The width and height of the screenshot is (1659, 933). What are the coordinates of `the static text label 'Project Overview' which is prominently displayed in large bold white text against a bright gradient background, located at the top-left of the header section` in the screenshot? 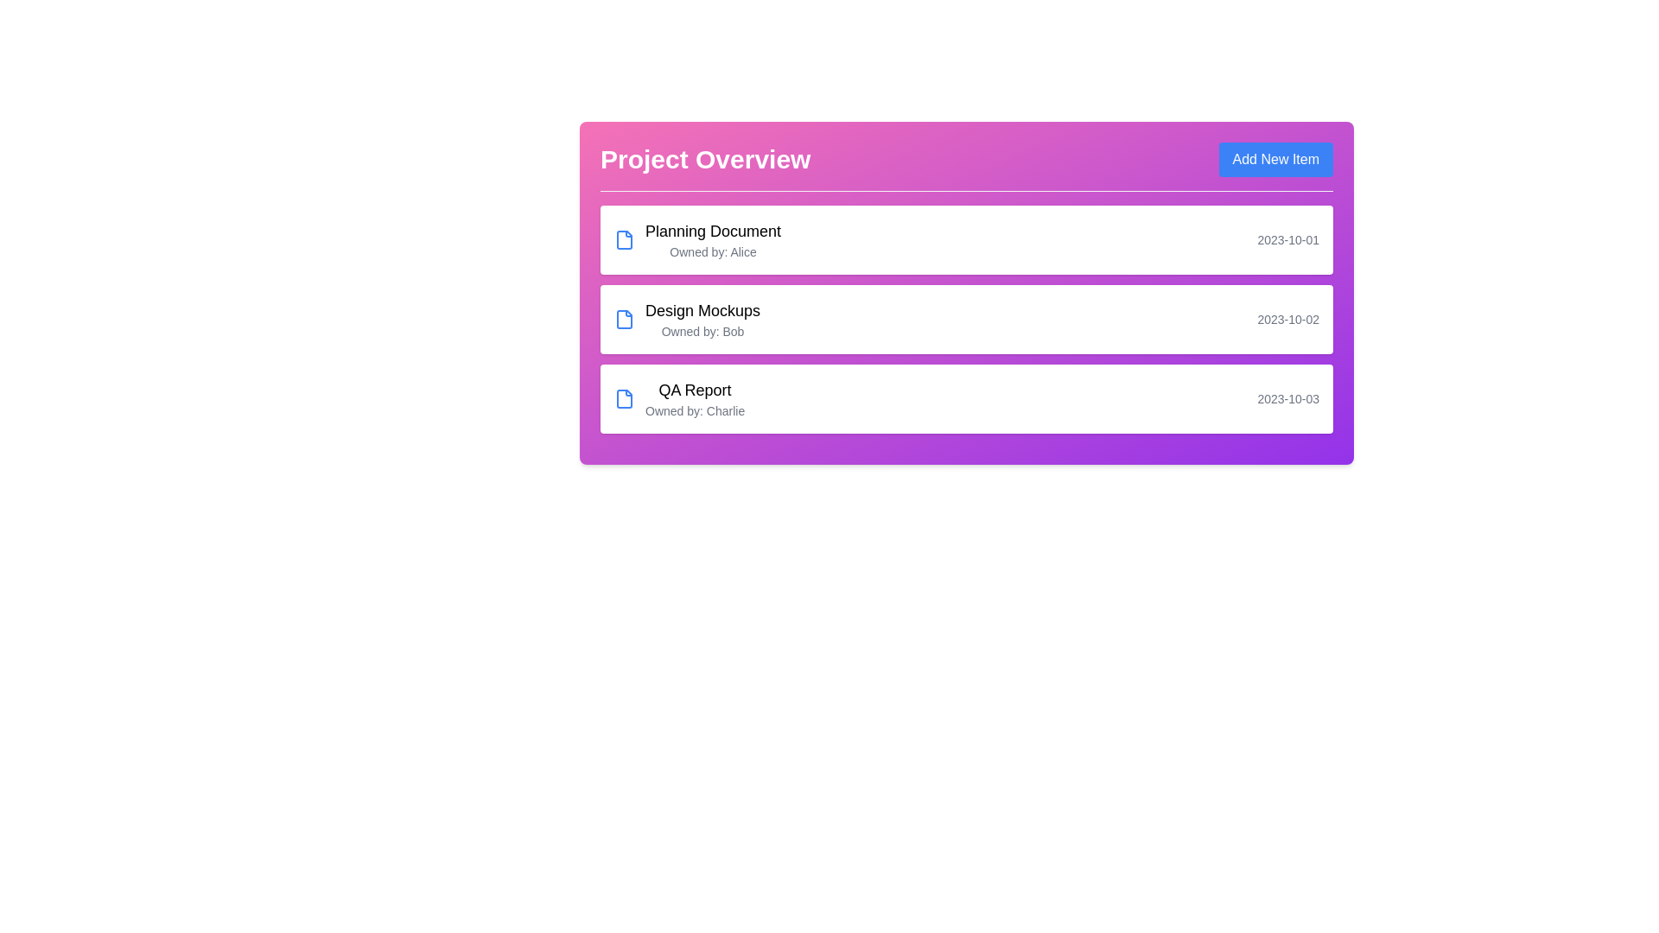 It's located at (705, 160).